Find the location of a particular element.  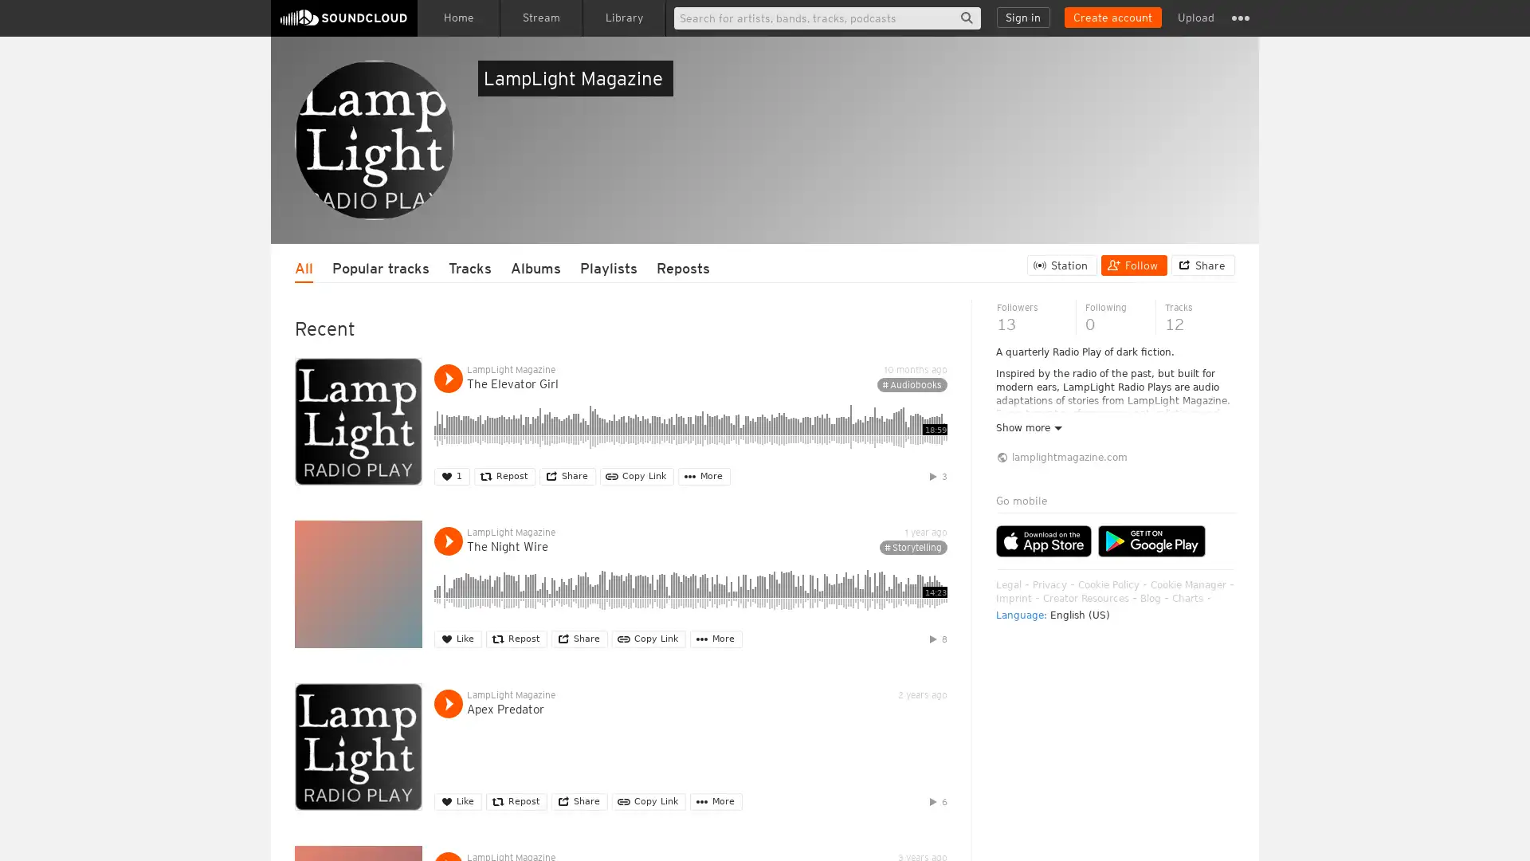

Copy Link is located at coordinates (649, 801).